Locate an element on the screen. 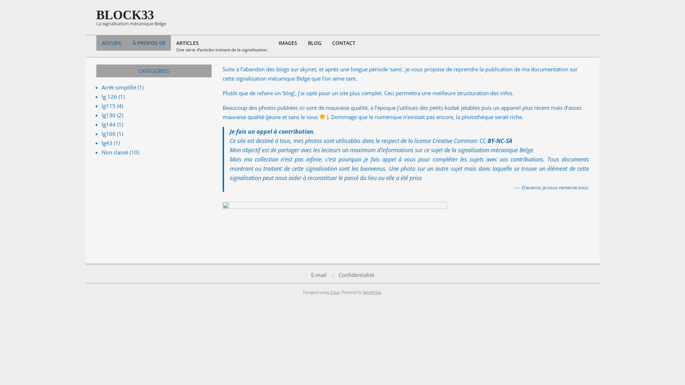  'lg 126' is located at coordinates (109, 96).